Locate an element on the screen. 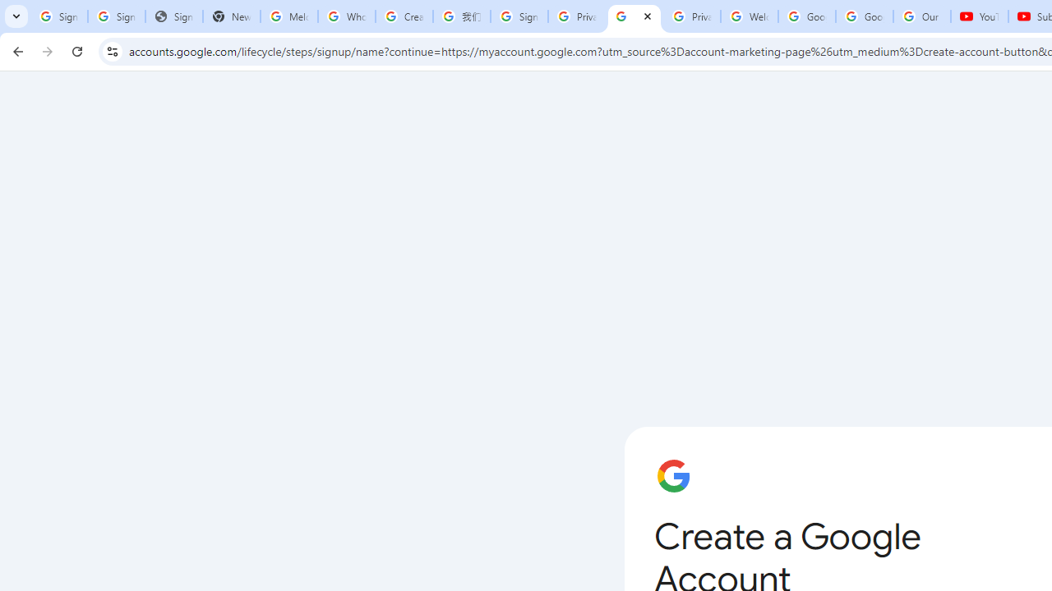  'Create your Google Account' is located at coordinates (404, 16).